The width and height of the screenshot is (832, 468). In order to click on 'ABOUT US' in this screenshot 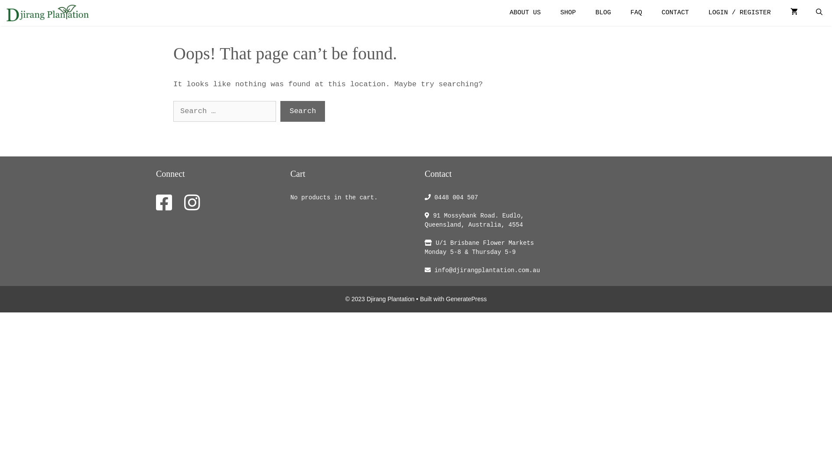, I will do `click(524, 13)`.